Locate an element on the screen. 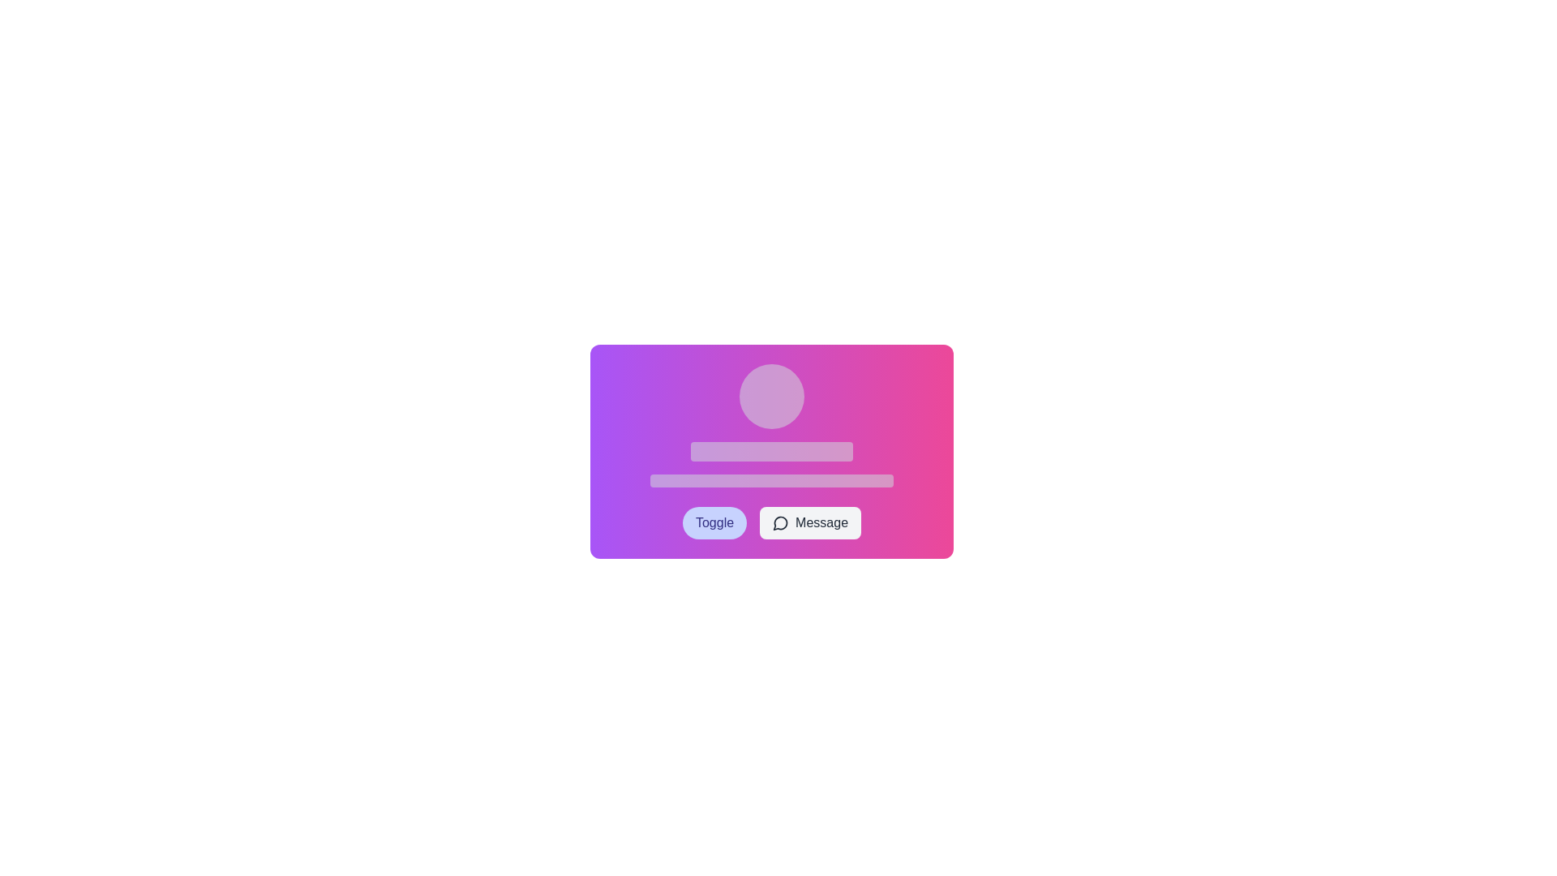 The height and width of the screenshot is (876, 1557). the outlined speech bubble icon located next to the 'Message' label at the bottom right of the card layout is located at coordinates (781, 522).